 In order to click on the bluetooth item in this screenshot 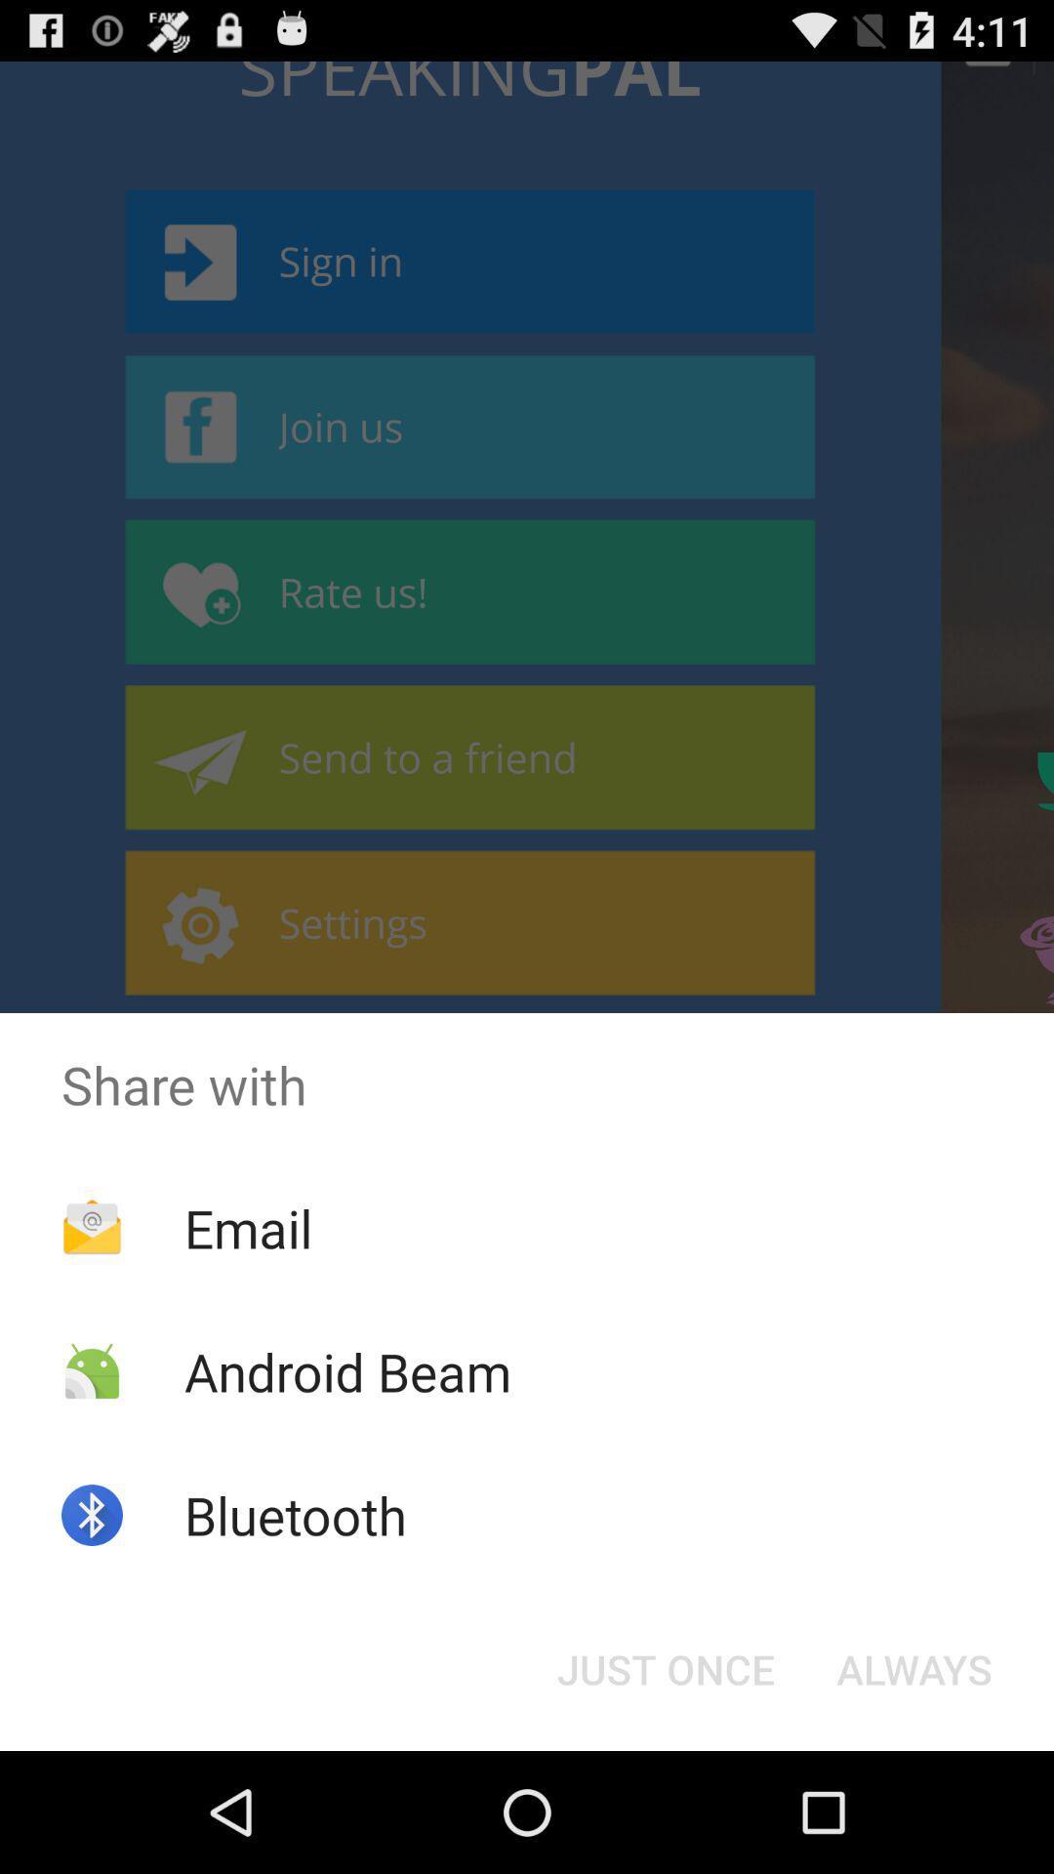, I will do `click(296, 1514)`.